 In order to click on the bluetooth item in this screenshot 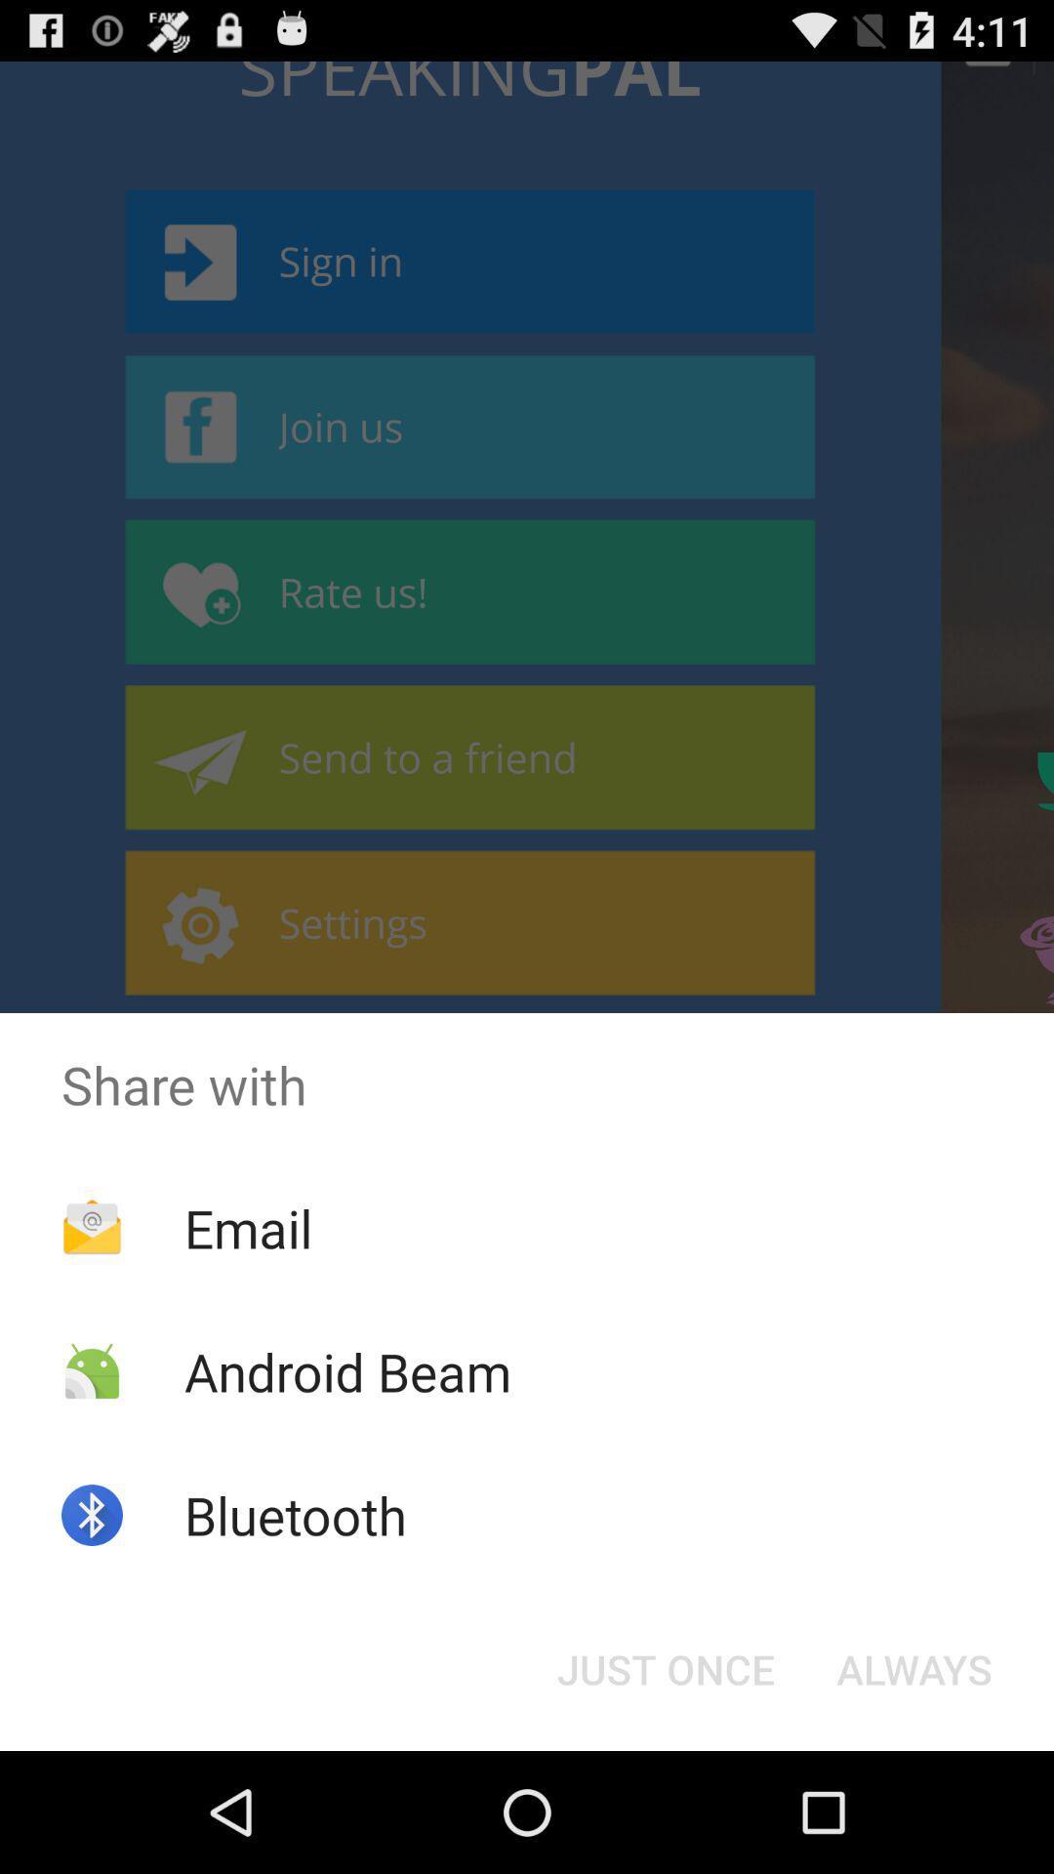, I will do `click(296, 1514)`.